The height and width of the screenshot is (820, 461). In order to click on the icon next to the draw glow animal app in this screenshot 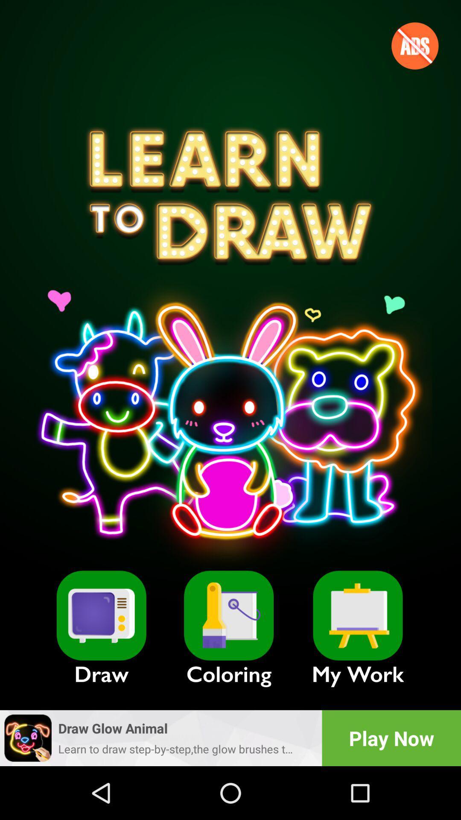, I will do `click(391, 738)`.